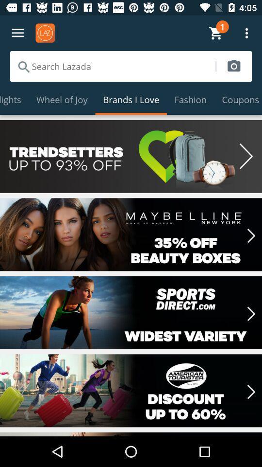  I want to click on its an advertisement, so click(131, 312).